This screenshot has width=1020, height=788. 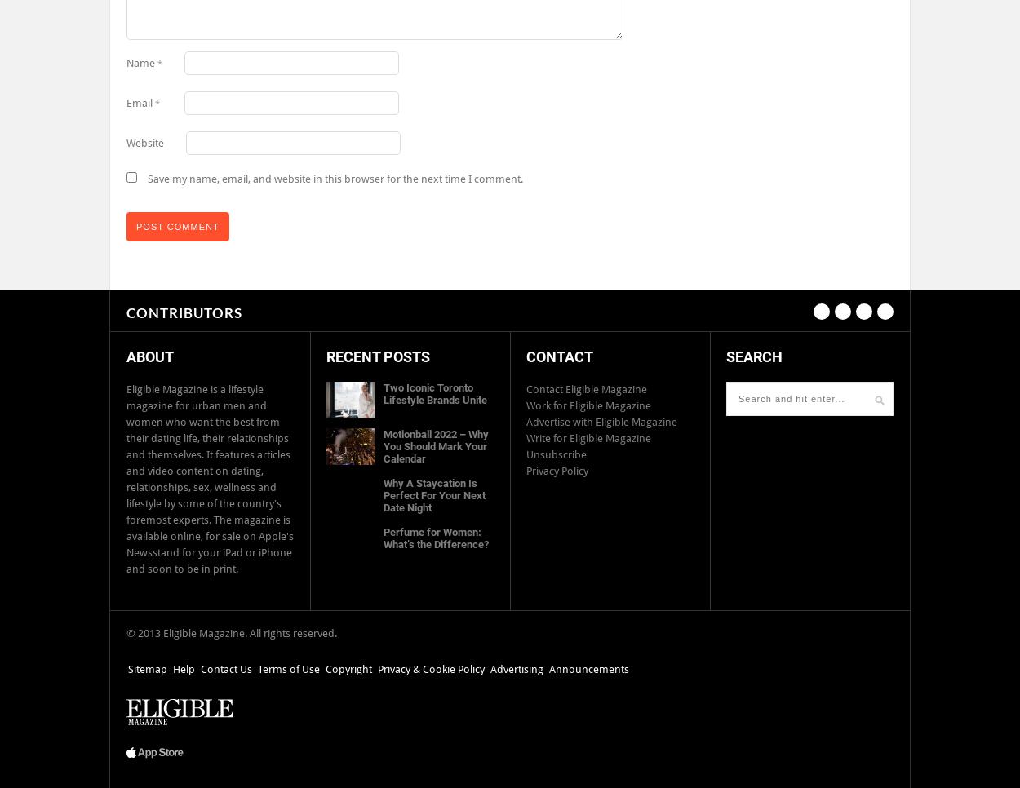 I want to click on 'Contact', so click(x=560, y=356).